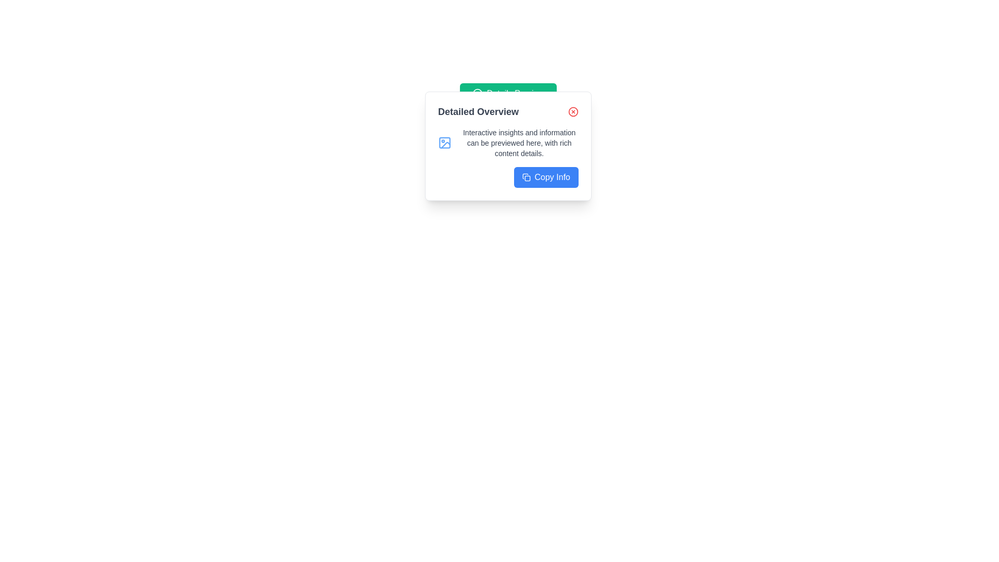  I want to click on the button located in the top-right corner of the 'Detailed Overview' section, so click(573, 112).